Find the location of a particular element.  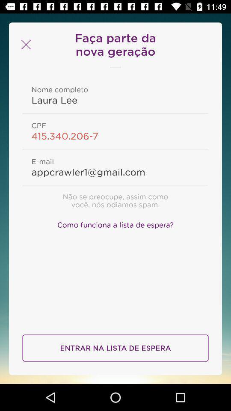

quit the tap is located at coordinates (25, 45).